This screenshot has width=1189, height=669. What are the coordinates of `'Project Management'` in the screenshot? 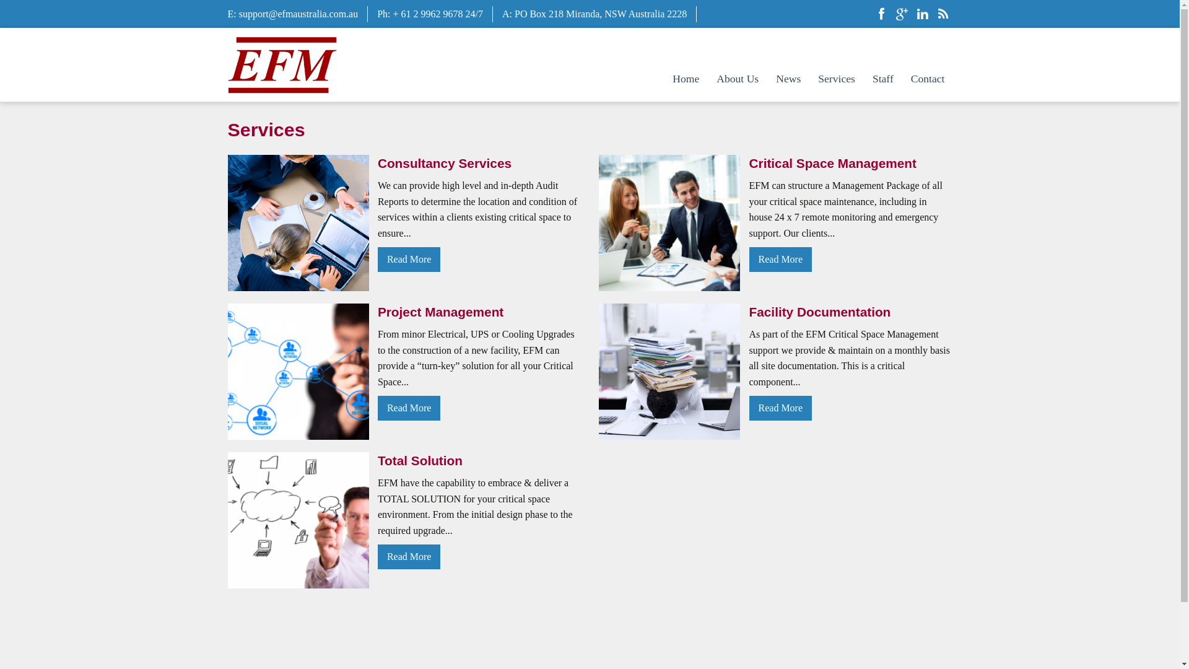 It's located at (478, 311).